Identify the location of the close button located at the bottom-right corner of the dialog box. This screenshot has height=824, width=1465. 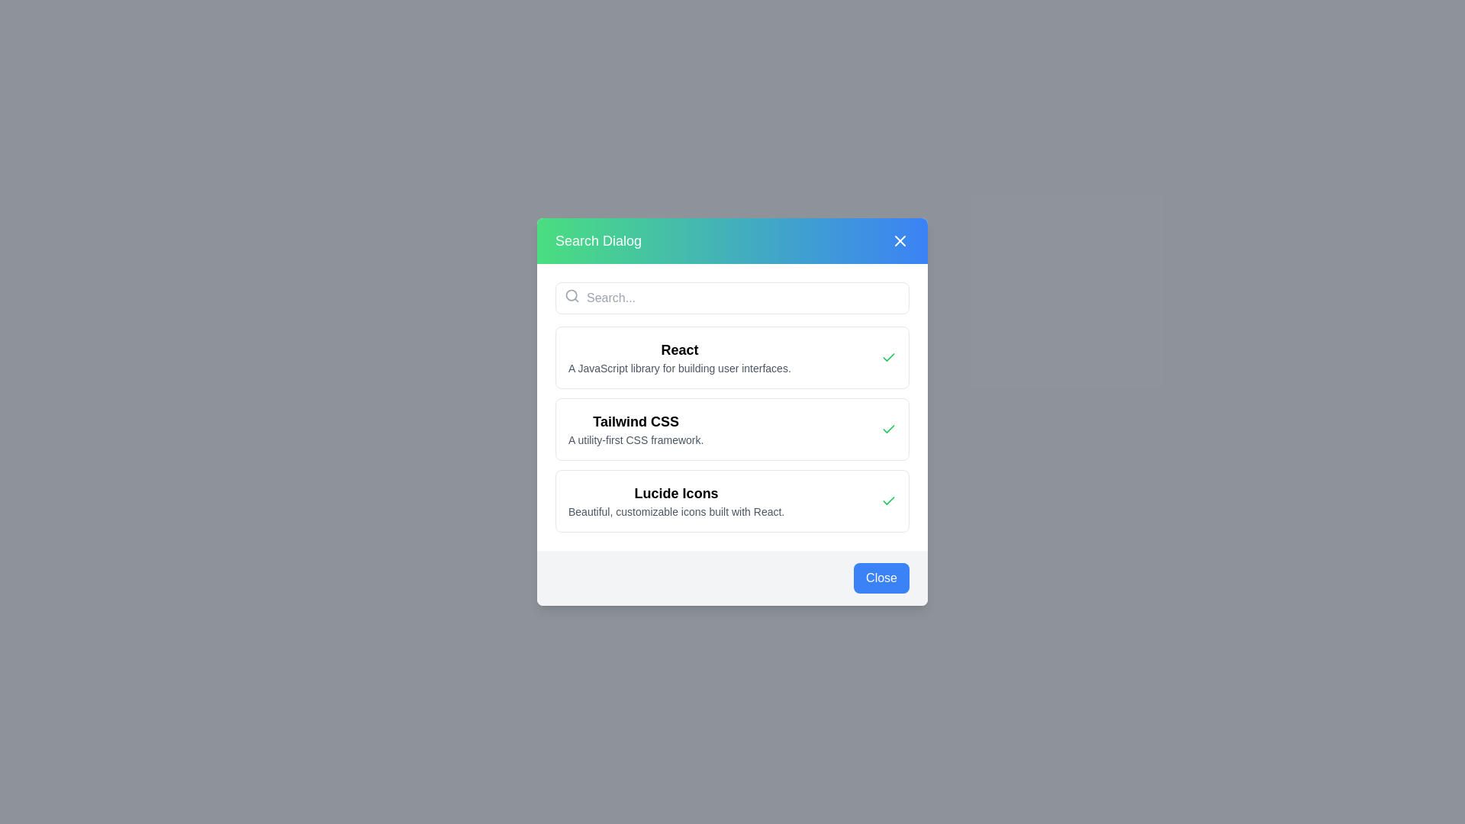
(732, 578).